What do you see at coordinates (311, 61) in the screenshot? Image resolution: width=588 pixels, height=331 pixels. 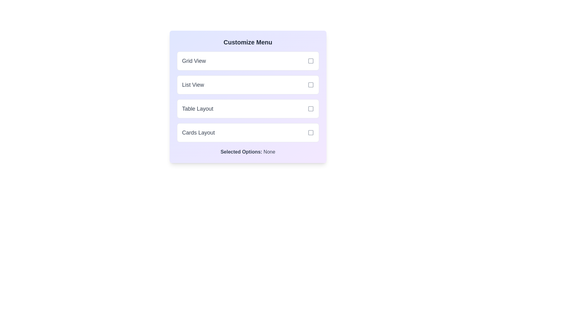 I see `the small square marker or button located in the first row of options in the 'Customize Menu' panel, next to the 'Grid View' label` at bounding box center [311, 61].